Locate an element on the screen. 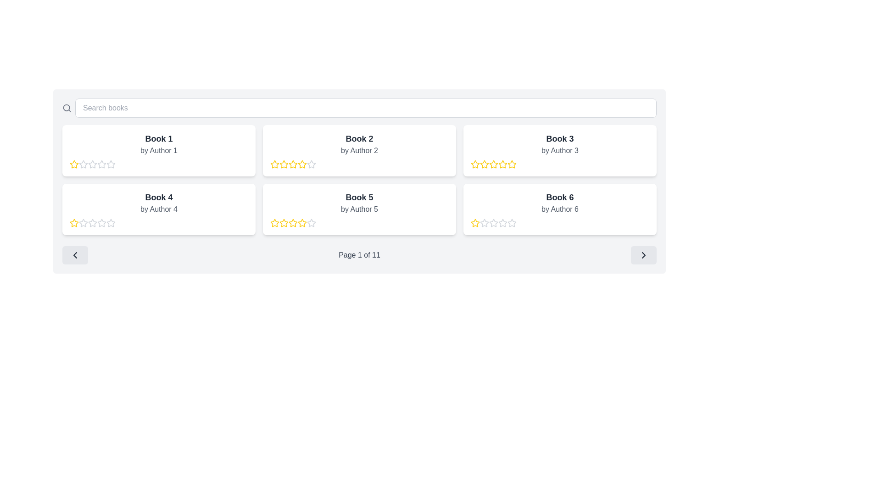 Image resolution: width=881 pixels, height=495 pixels. the third star icon in the five-star rating system for the book 'Book 5' by 'Author 5' is located at coordinates (292, 223).